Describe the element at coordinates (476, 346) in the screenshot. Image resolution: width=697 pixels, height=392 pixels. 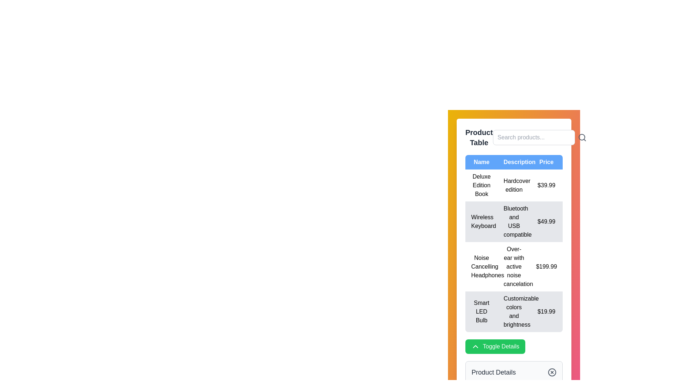
I see `the upward toggle icon located to the left of the text in the 'Toggle Details' button below the main product table` at that location.